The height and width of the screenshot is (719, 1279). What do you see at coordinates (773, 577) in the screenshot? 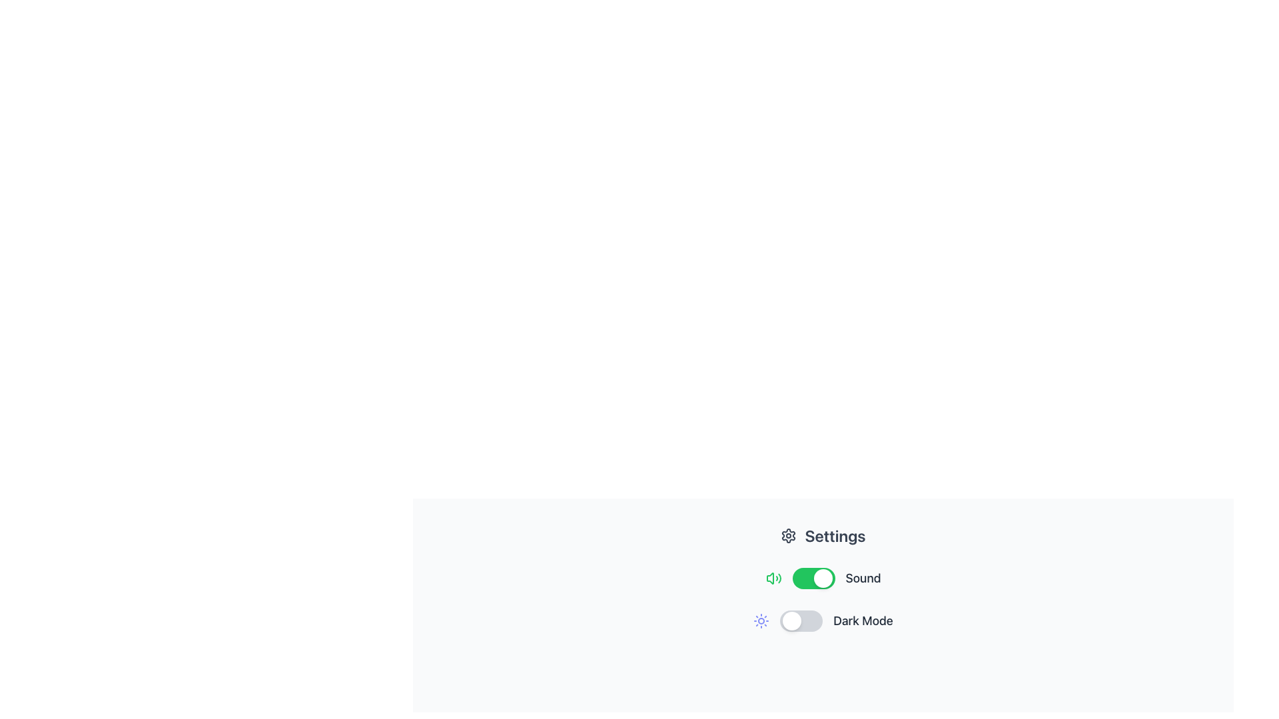
I see `the volume icon with sound waves, which is styled in green and located to the left of the 'Sound' toggle button` at bounding box center [773, 577].